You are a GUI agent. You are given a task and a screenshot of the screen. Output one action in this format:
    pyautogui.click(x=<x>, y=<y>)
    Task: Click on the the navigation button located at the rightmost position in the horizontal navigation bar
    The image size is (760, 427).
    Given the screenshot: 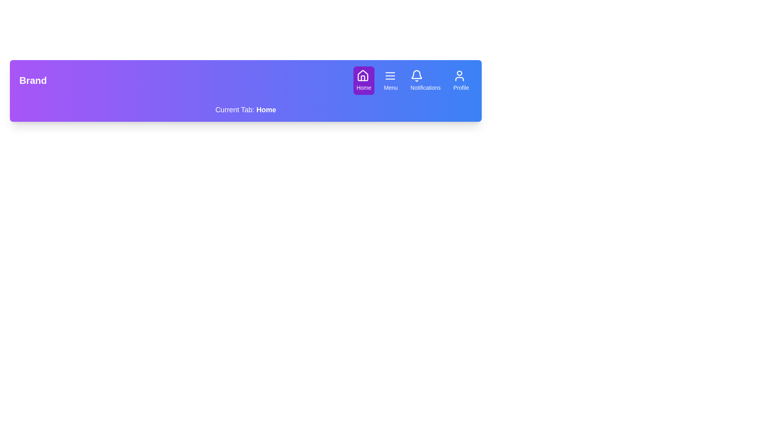 What is the action you would take?
    pyautogui.click(x=461, y=81)
    